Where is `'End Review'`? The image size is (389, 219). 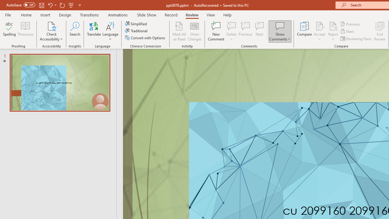
'End Review' is located at coordinates (379, 31).